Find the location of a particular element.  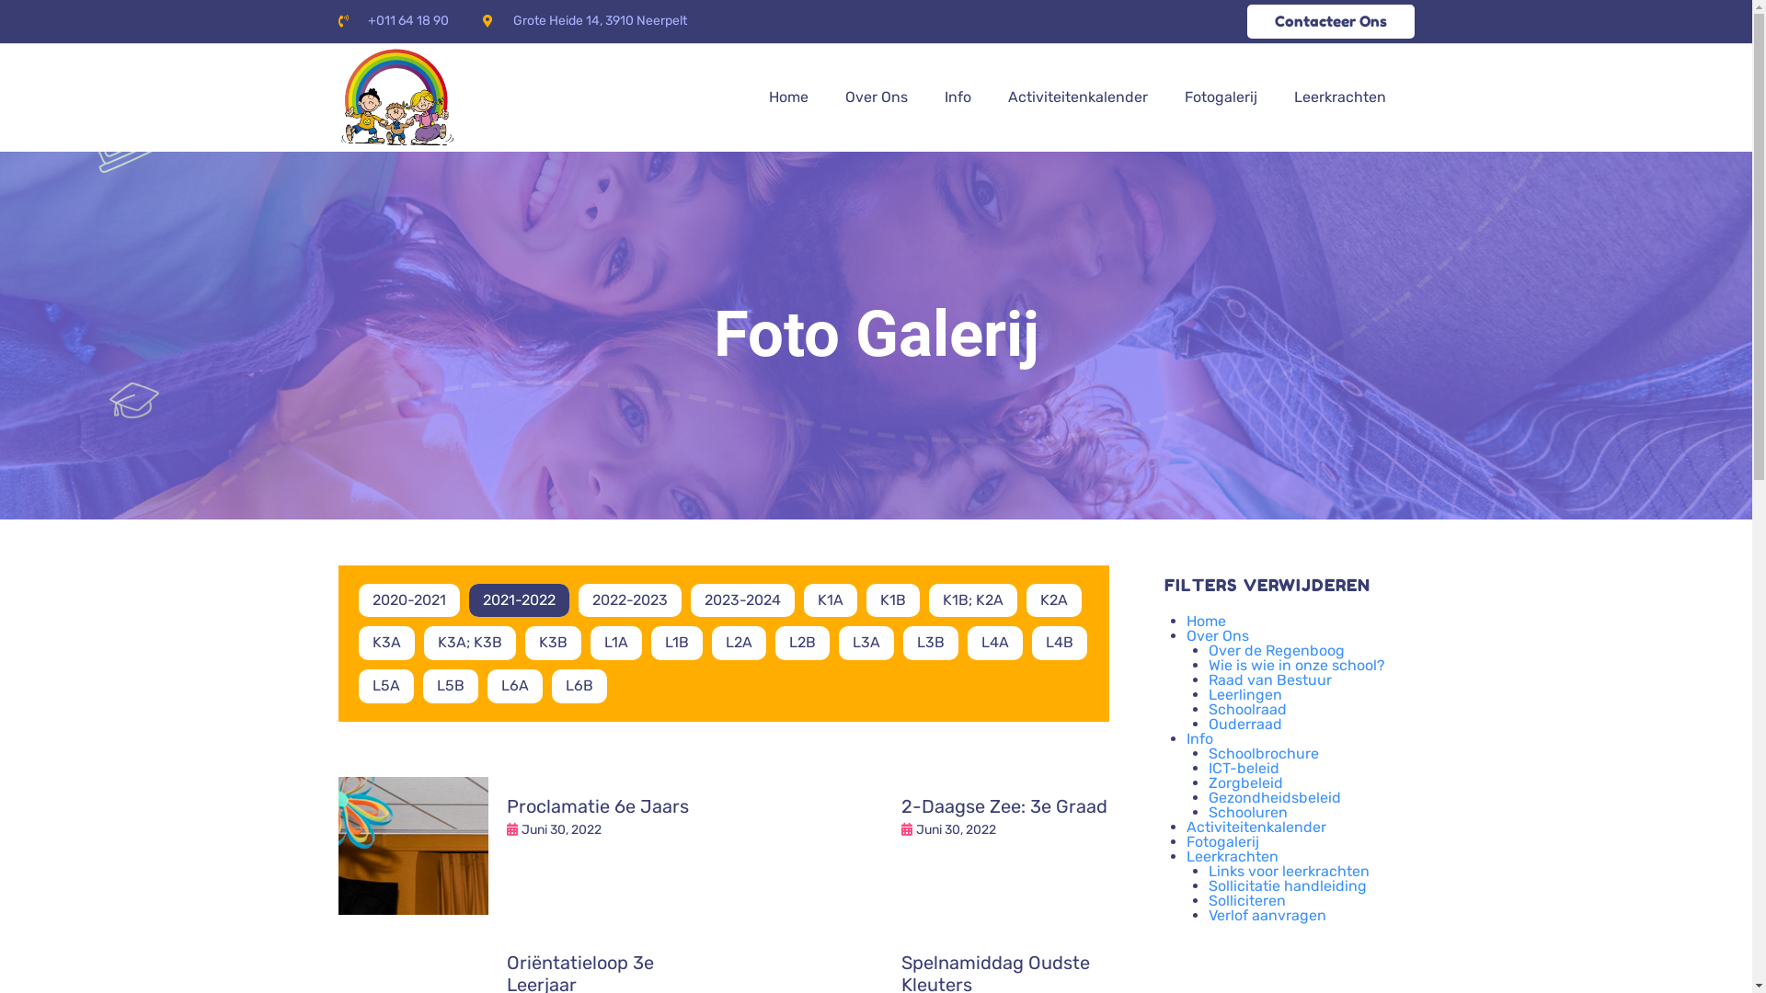

'Links voor leerkrachten' is located at coordinates (1288, 870).